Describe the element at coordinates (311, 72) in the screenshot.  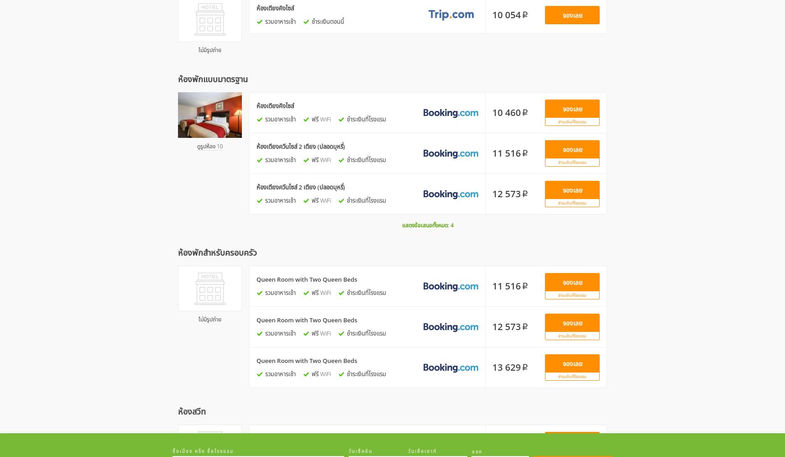
I see `'ร้านอาหาร/คาเฟ่'` at that location.